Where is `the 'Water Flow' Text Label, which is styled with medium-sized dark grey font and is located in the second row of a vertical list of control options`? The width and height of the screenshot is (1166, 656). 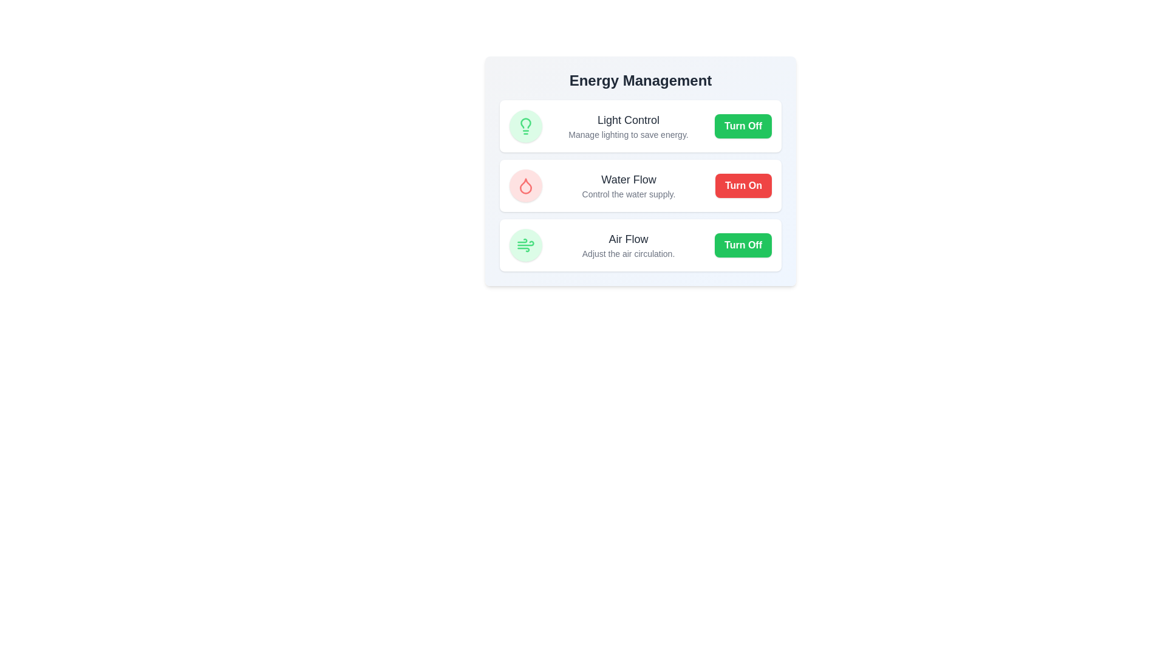
the 'Water Flow' Text Label, which is styled with medium-sized dark grey font and is located in the second row of a vertical list of control options is located at coordinates (629, 180).